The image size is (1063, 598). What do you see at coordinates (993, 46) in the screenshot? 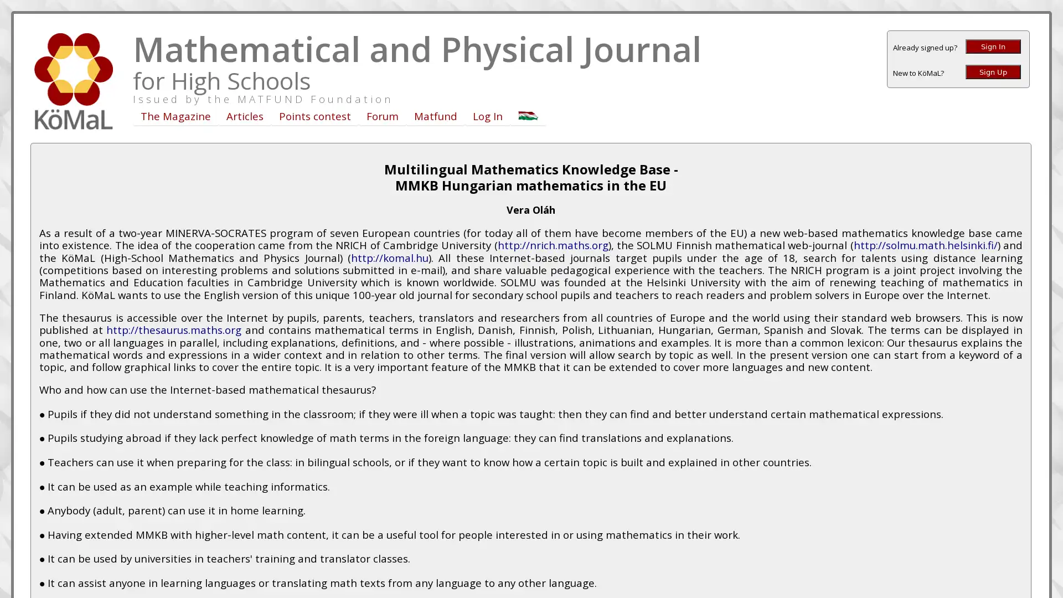
I see `Sign In` at bounding box center [993, 46].